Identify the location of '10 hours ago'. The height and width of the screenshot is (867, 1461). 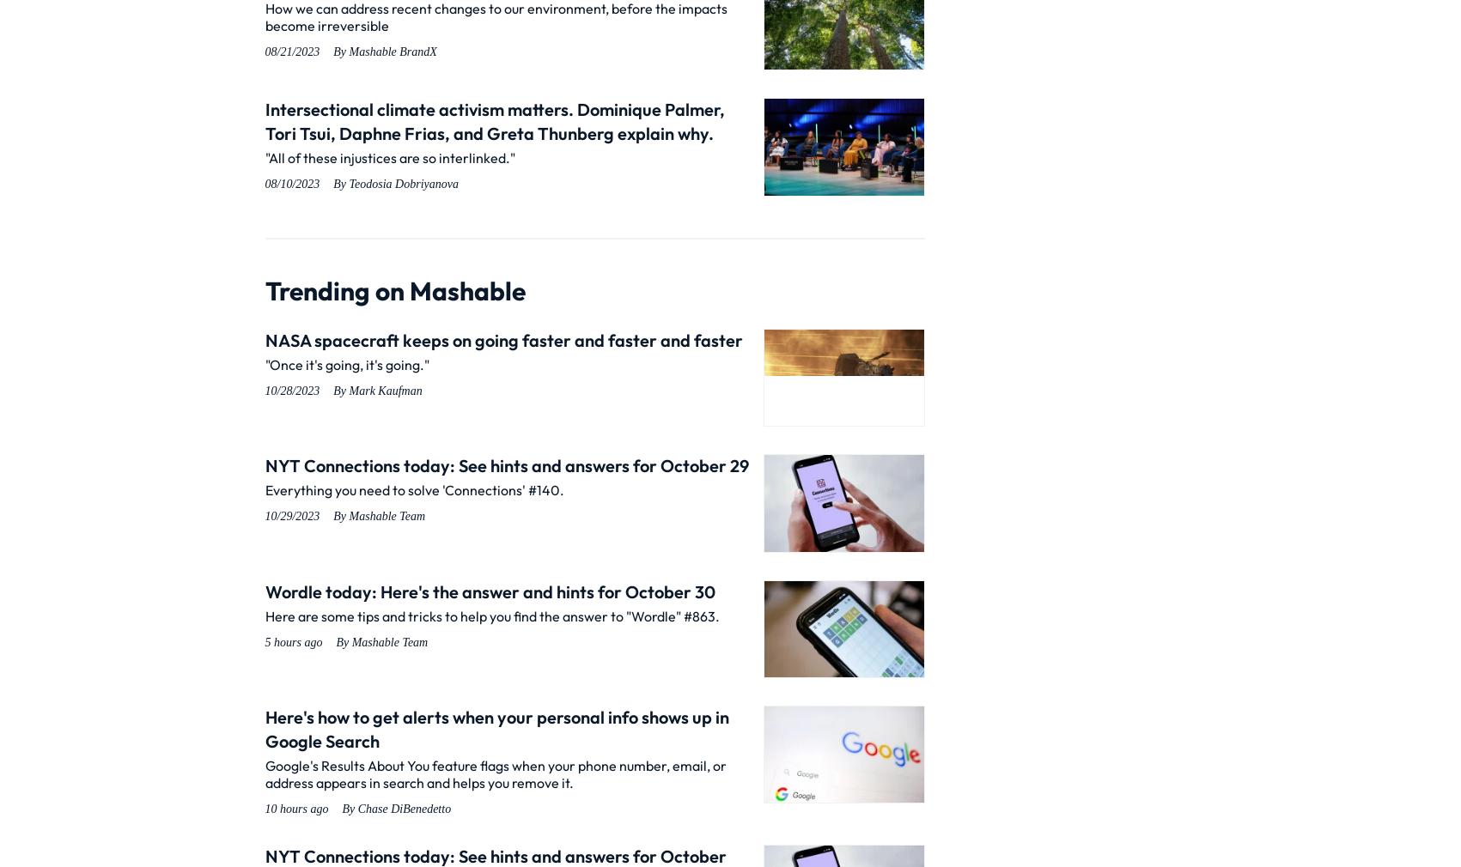
(295, 809).